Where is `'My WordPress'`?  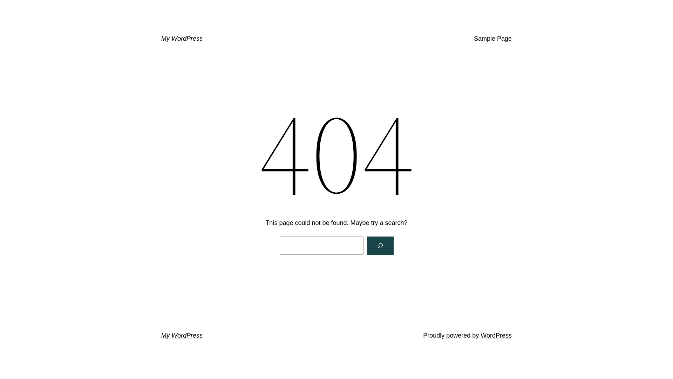
'My WordPress' is located at coordinates (182, 39).